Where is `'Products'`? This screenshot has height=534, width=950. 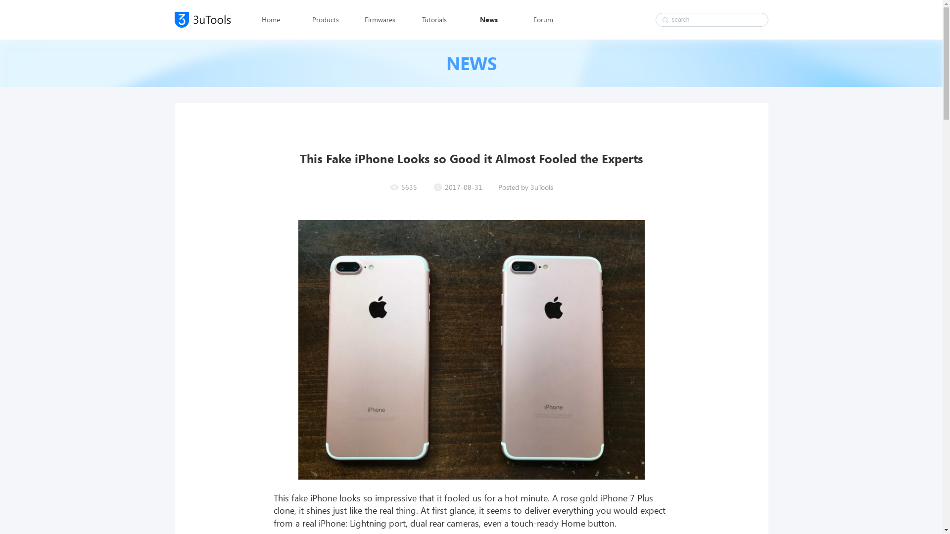 'Products' is located at coordinates (325, 19).